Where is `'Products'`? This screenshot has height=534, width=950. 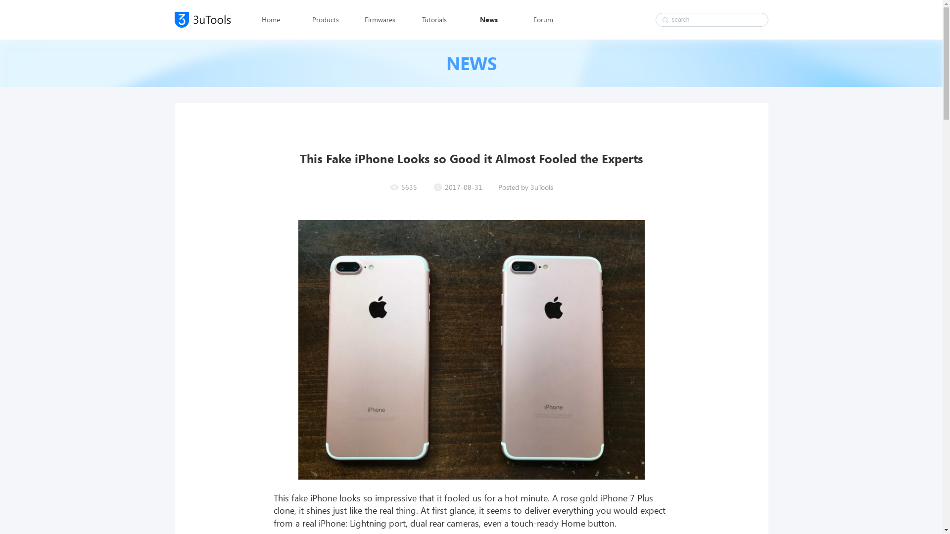 'Products' is located at coordinates (325, 19).